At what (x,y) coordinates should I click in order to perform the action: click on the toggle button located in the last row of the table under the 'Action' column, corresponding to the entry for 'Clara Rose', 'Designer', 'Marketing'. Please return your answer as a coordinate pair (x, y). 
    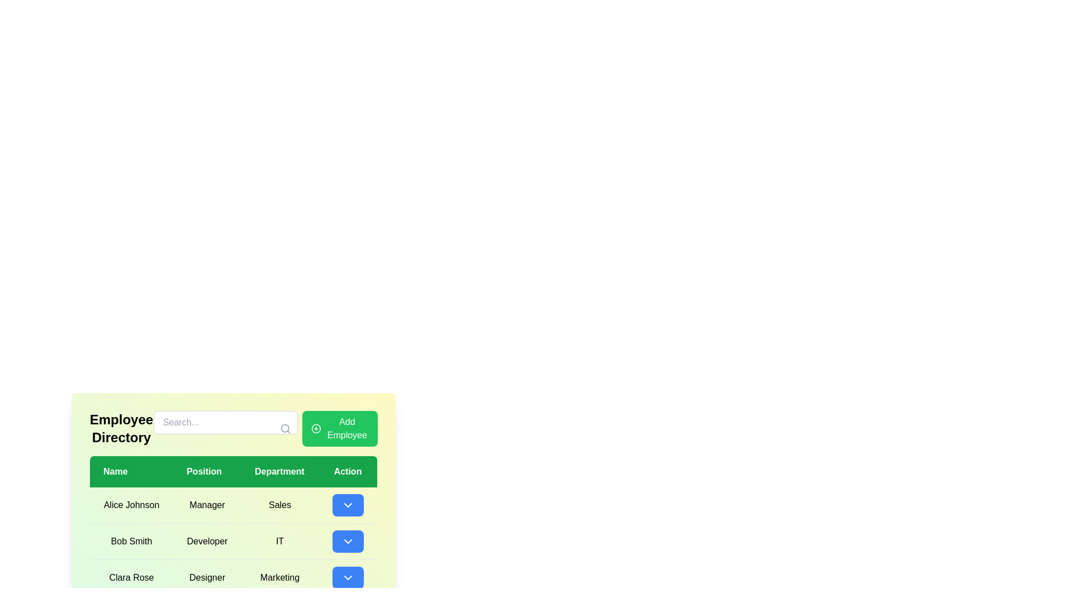
    Looking at the image, I should click on (347, 577).